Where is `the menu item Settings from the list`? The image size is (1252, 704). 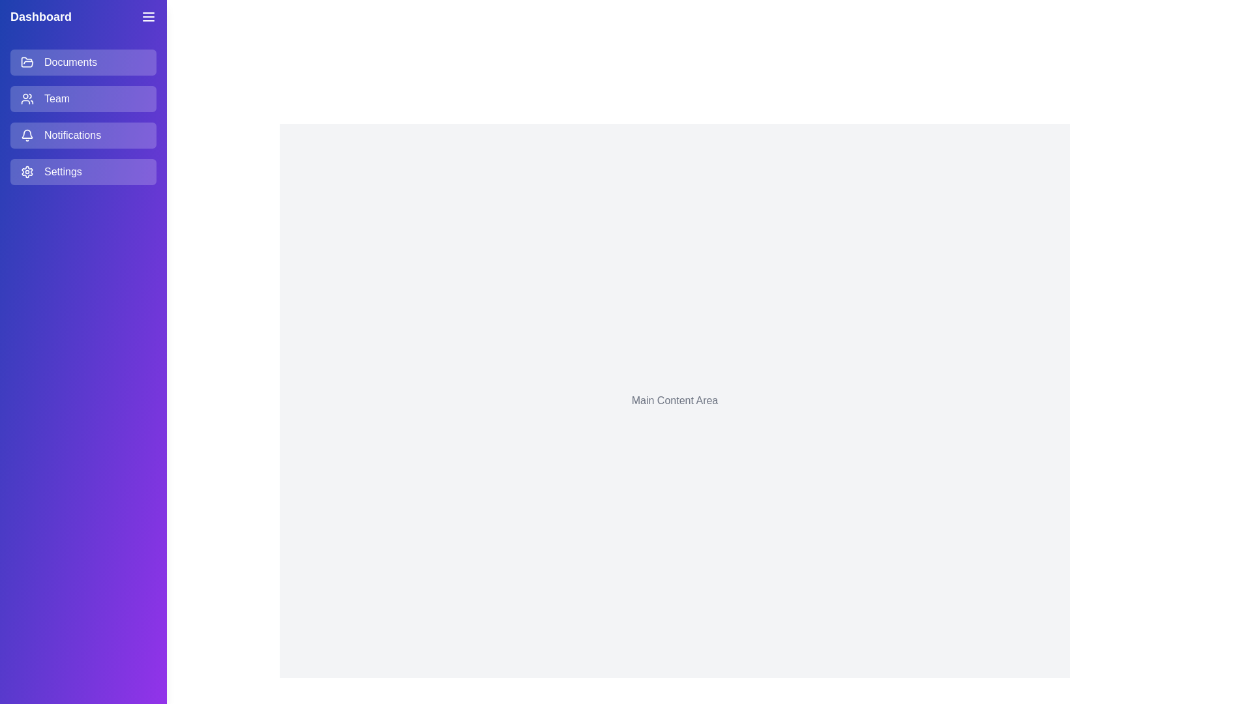 the menu item Settings from the list is located at coordinates (83, 171).